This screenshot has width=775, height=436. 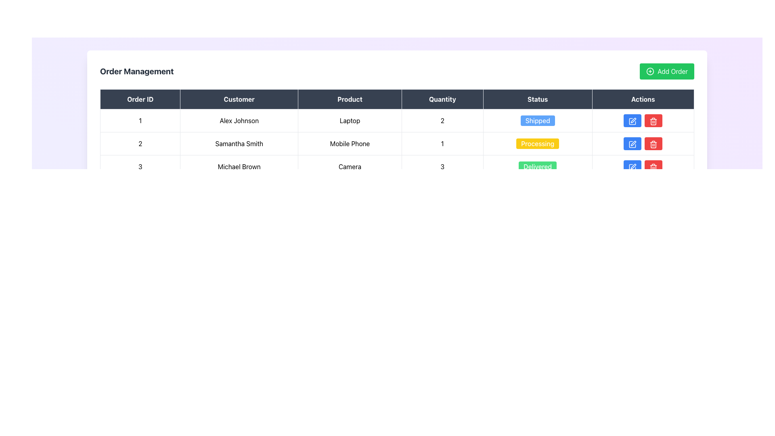 I want to click on the text label displaying 'Order Management', which is styled in bold, large dark gray text and positioned above the orders table in the upper-left corner of the interface, so click(x=137, y=71).